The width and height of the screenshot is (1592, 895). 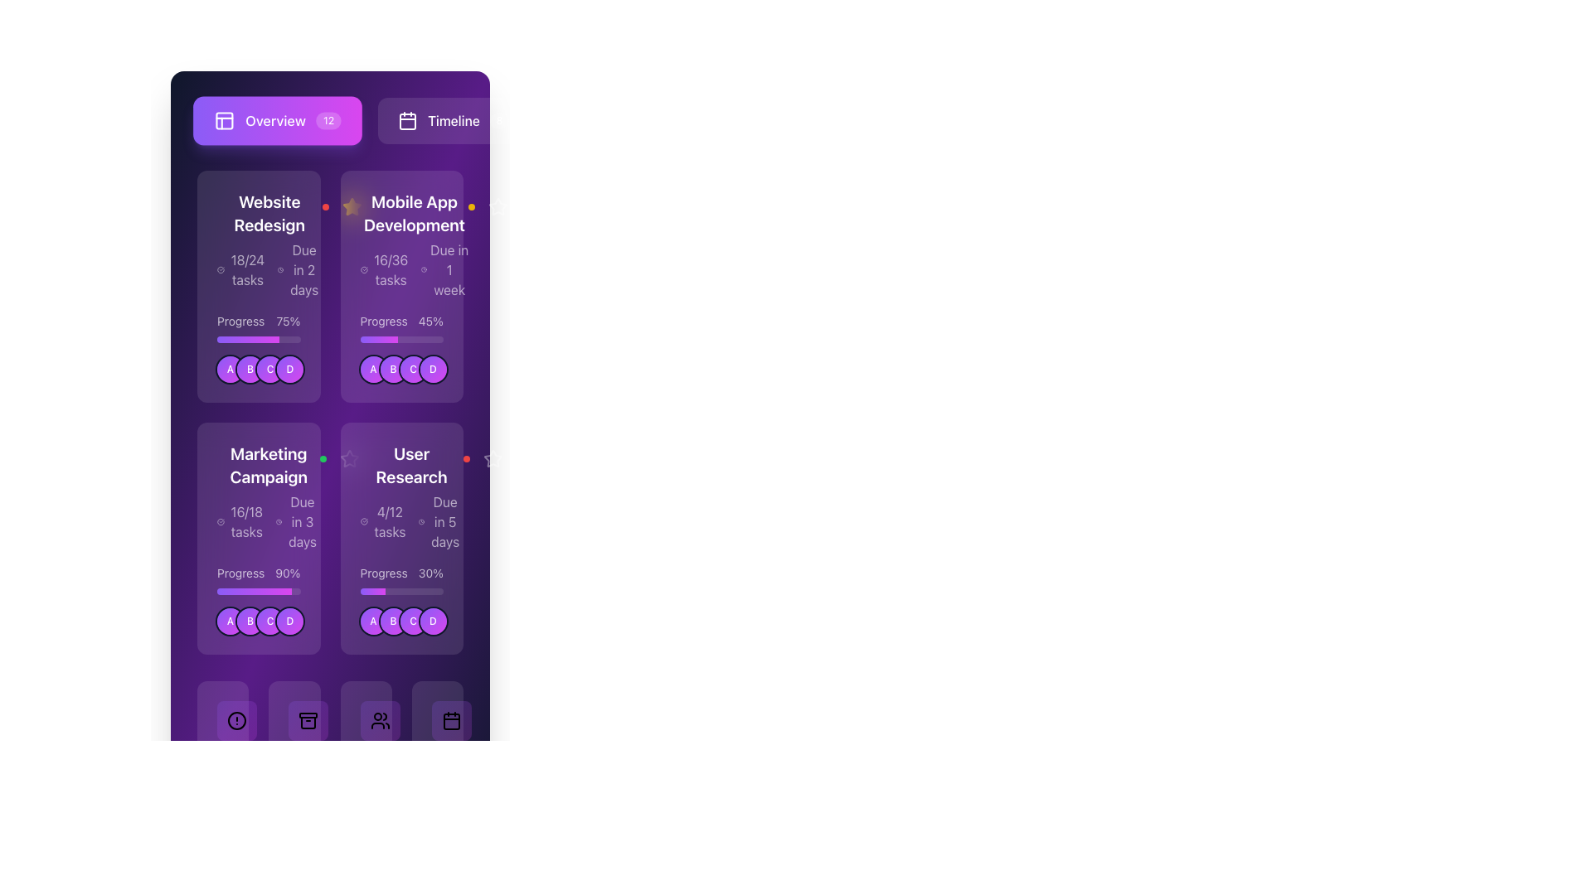 What do you see at coordinates (454, 120) in the screenshot?
I see `the 'Timeline' text label, which is displayed in white on a purple background` at bounding box center [454, 120].